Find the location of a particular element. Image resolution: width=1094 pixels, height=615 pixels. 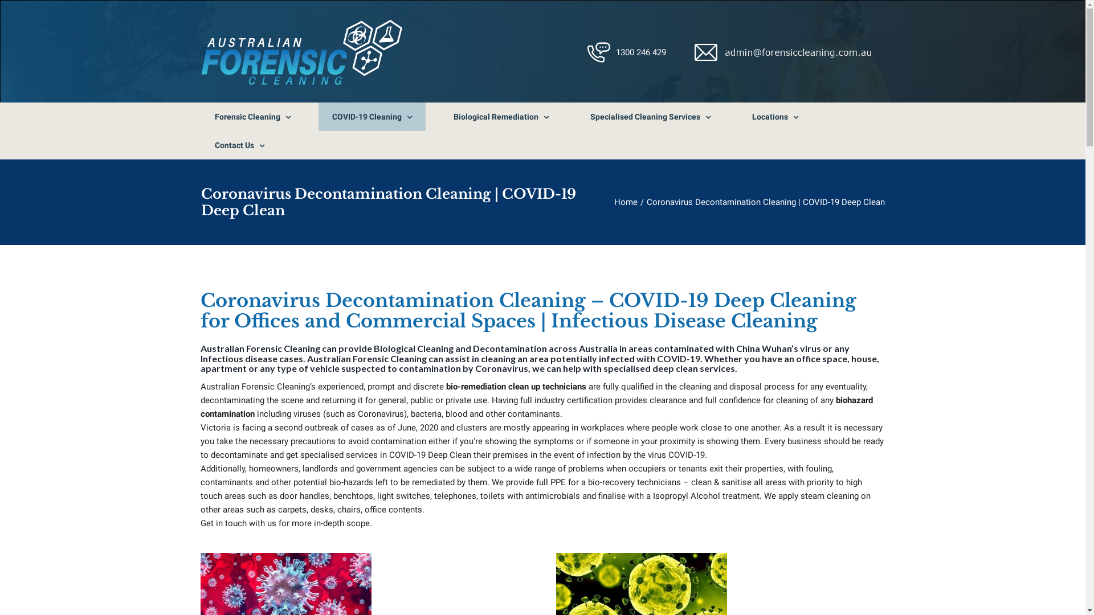

'COVID-19 Cleaning' is located at coordinates (372, 116).